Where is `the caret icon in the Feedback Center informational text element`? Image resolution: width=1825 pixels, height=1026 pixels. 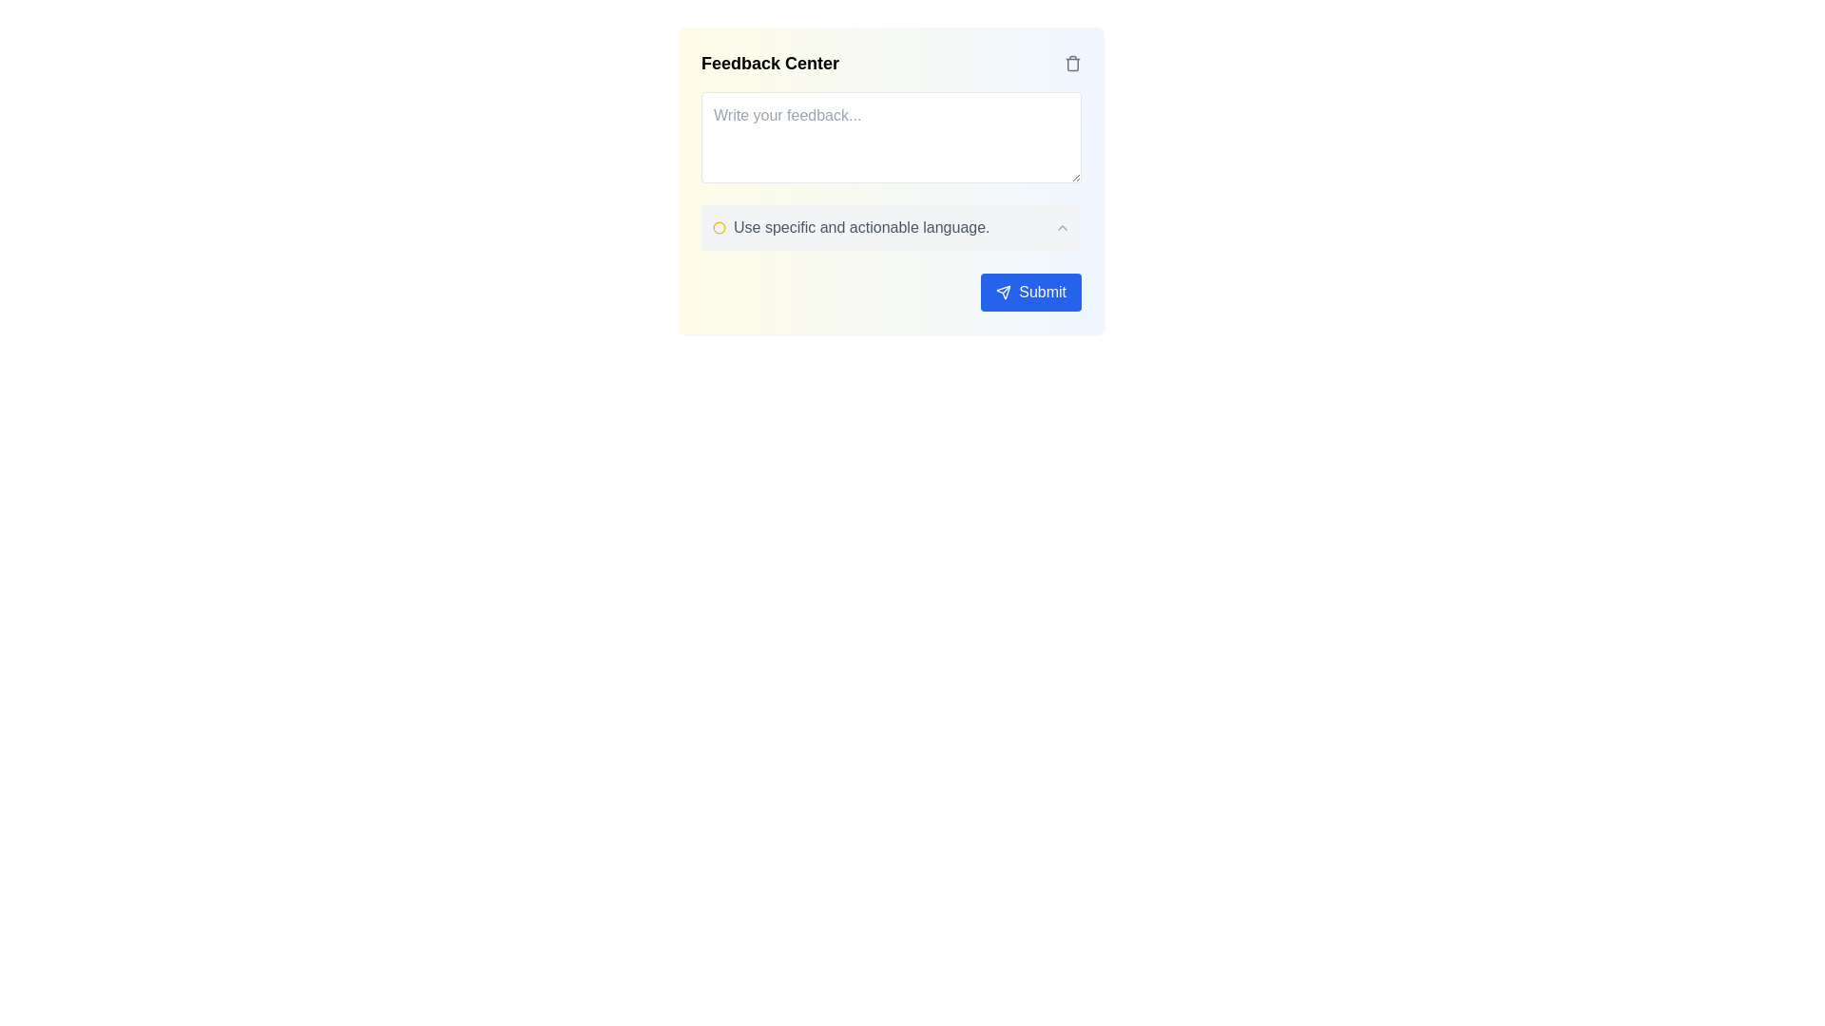 the caret icon in the Feedback Center informational text element is located at coordinates (890, 226).